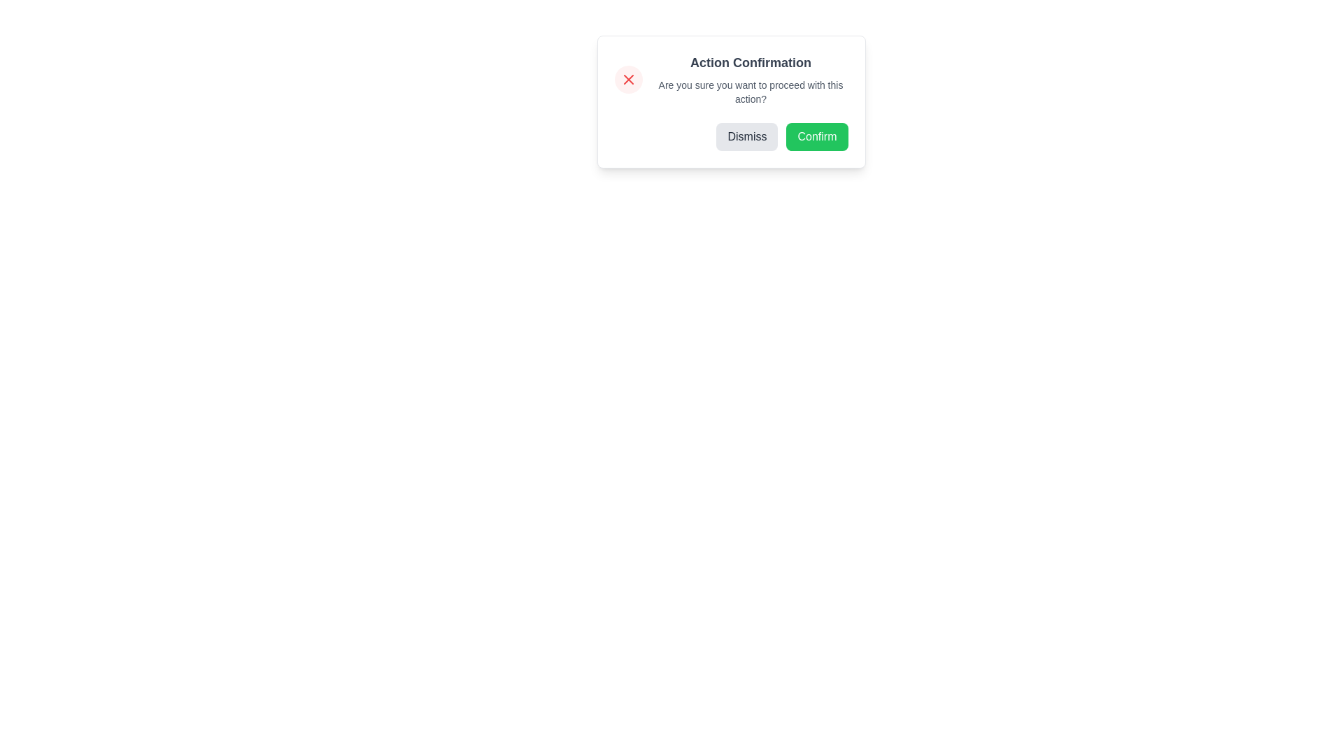 This screenshot has height=755, width=1343. I want to click on the text label displaying the message 'Are you sure you want to proceed with this action?' located beneath the heading 'Action Confirmation' in the modal dialog, so click(750, 92).